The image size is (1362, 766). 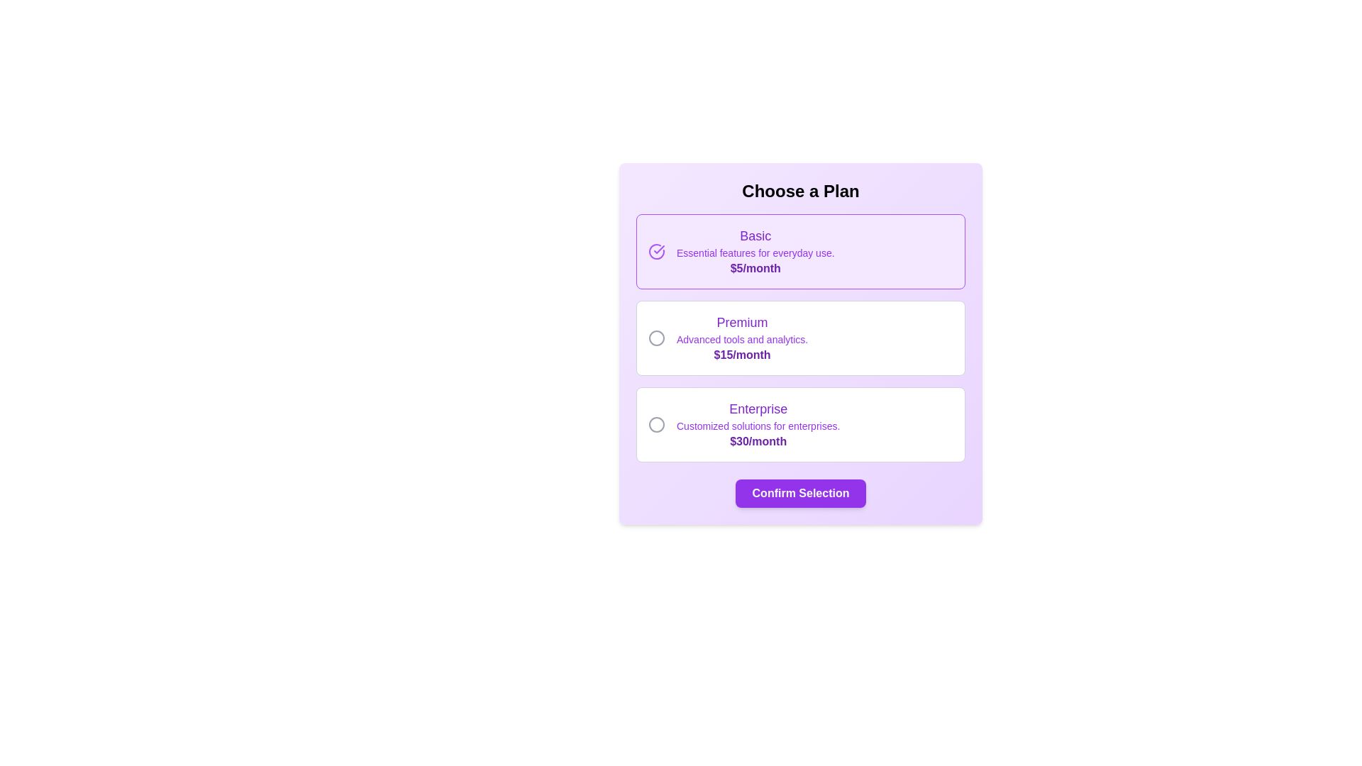 I want to click on the circular icon with a transparent center and gray border located in the 'Premium' plan section, positioned to the left of the text content indicating 'Premium', 'Advanced tools and analytics.', and '$15/month', so click(x=656, y=338).